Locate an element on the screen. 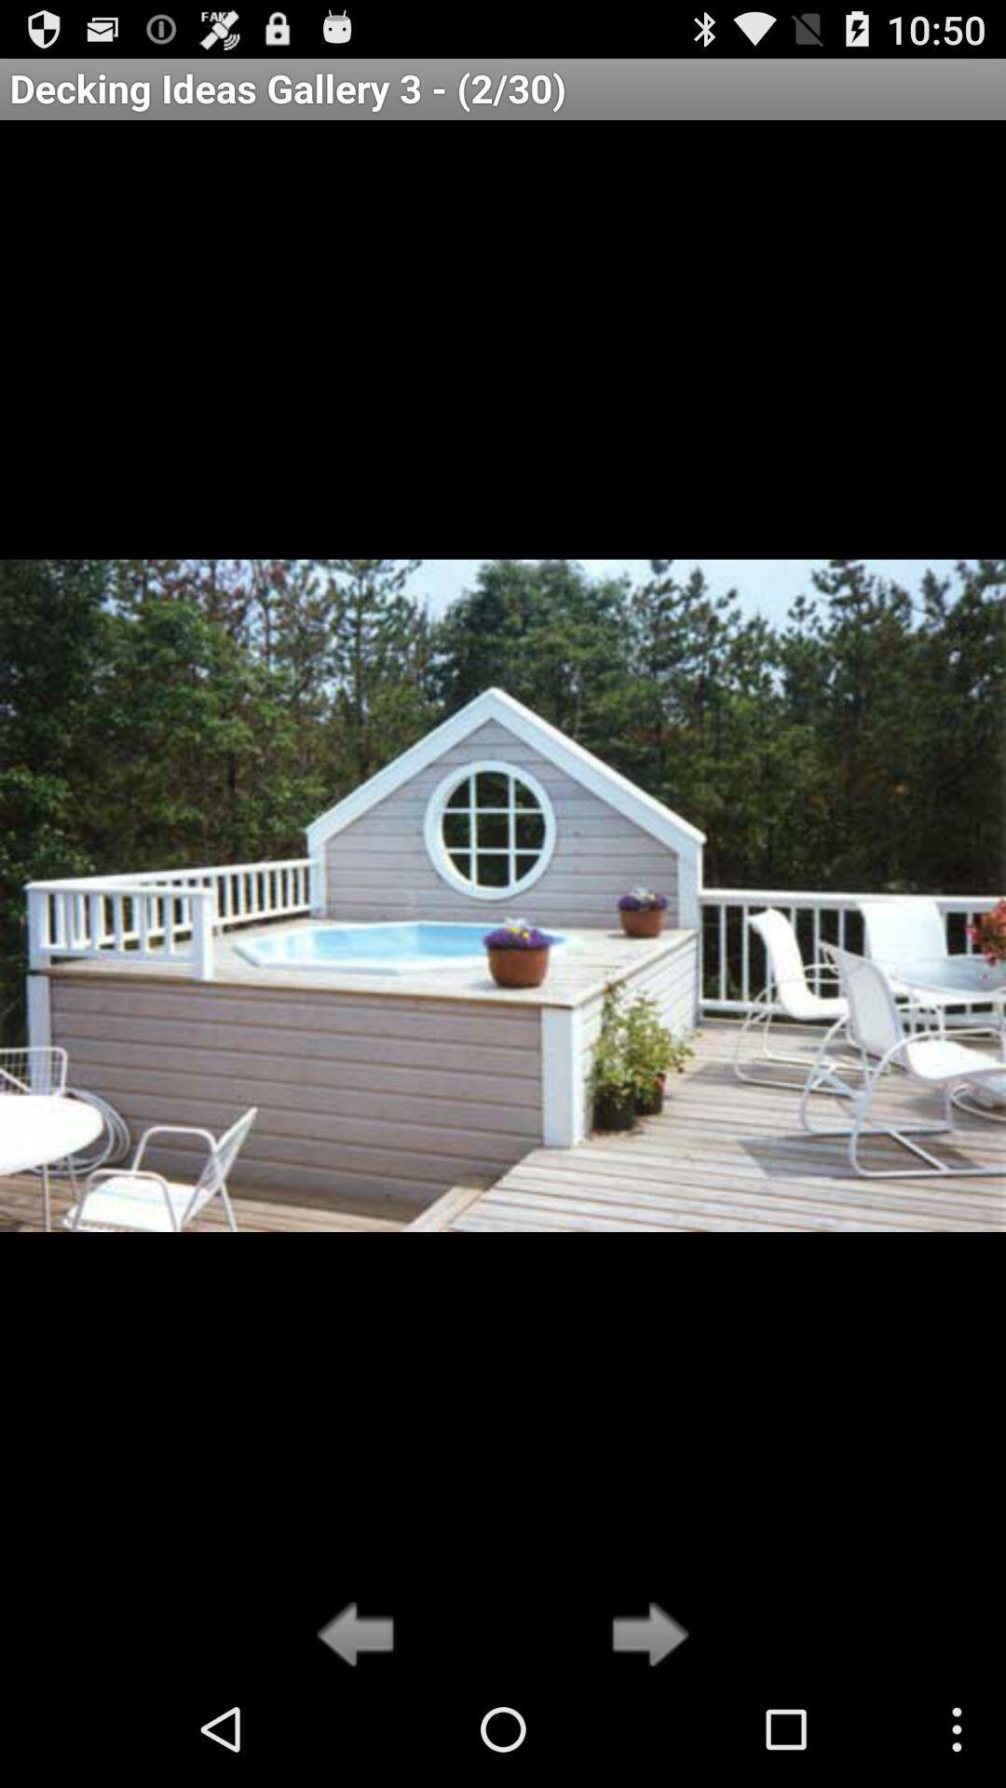  move forward to the next image is located at coordinates (644, 1635).